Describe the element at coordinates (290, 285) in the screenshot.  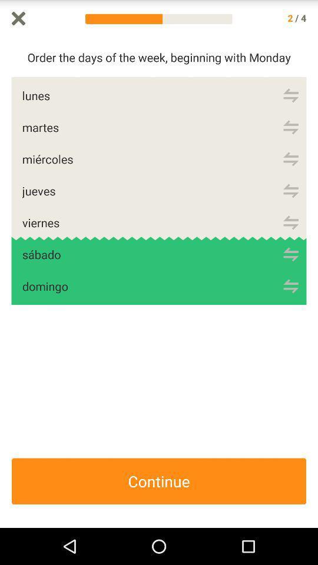
I see `domingo` at that location.